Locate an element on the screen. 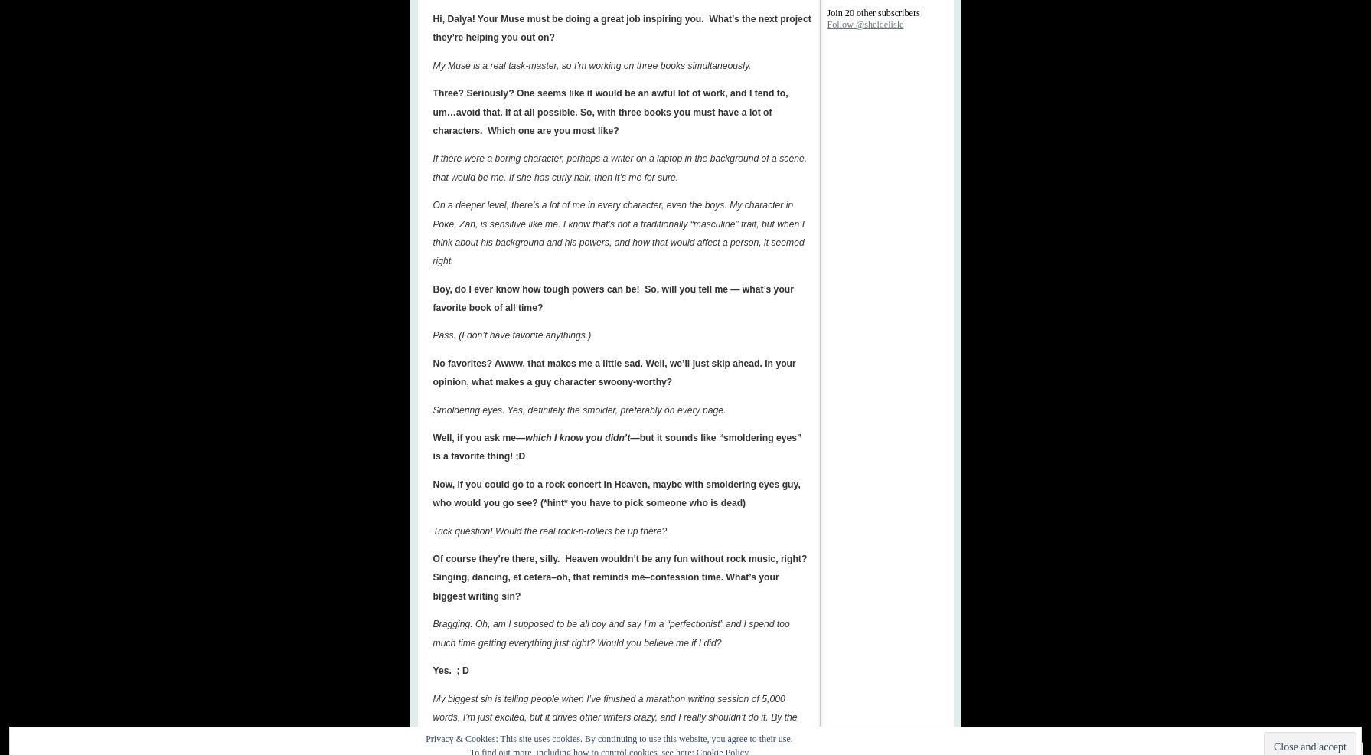 This screenshot has height=755, width=1371. 'Well, if you ask me—' is located at coordinates (478, 436).